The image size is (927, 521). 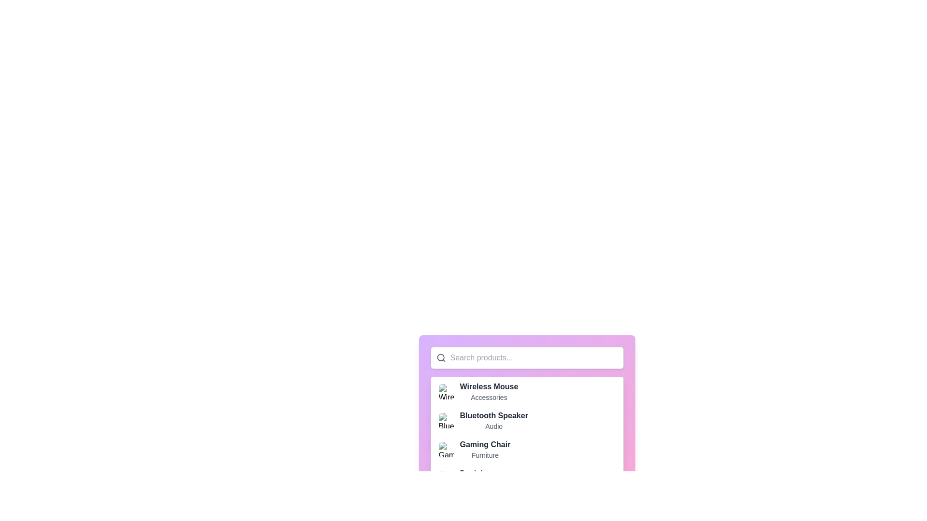 What do you see at coordinates (446, 420) in the screenshot?
I see `the image associated with the product 'Bluetooth Speaker' by clicking on the visual representation located at the far left of its product list entry` at bounding box center [446, 420].